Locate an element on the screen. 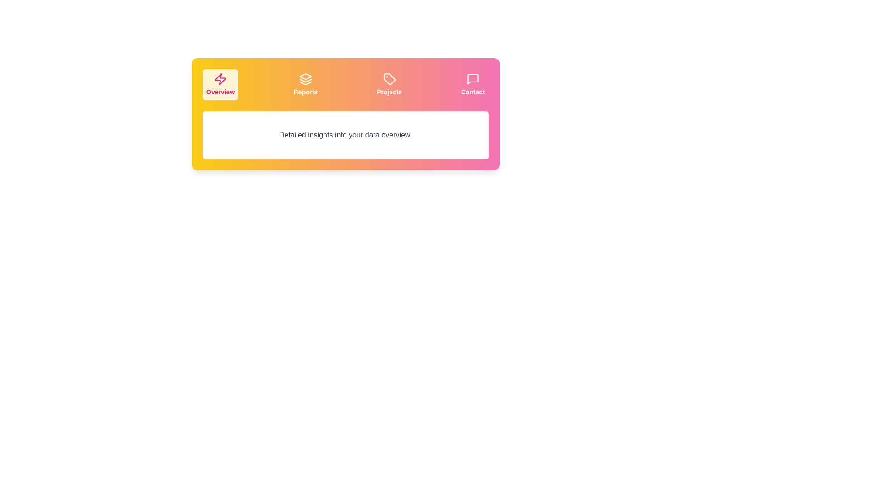 Image resolution: width=880 pixels, height=495 pixels. the 'Projects' icon in the navigation bar, which serves as a visual identifier for the 'Projects' section of the application is located at coordinates (389, 79).